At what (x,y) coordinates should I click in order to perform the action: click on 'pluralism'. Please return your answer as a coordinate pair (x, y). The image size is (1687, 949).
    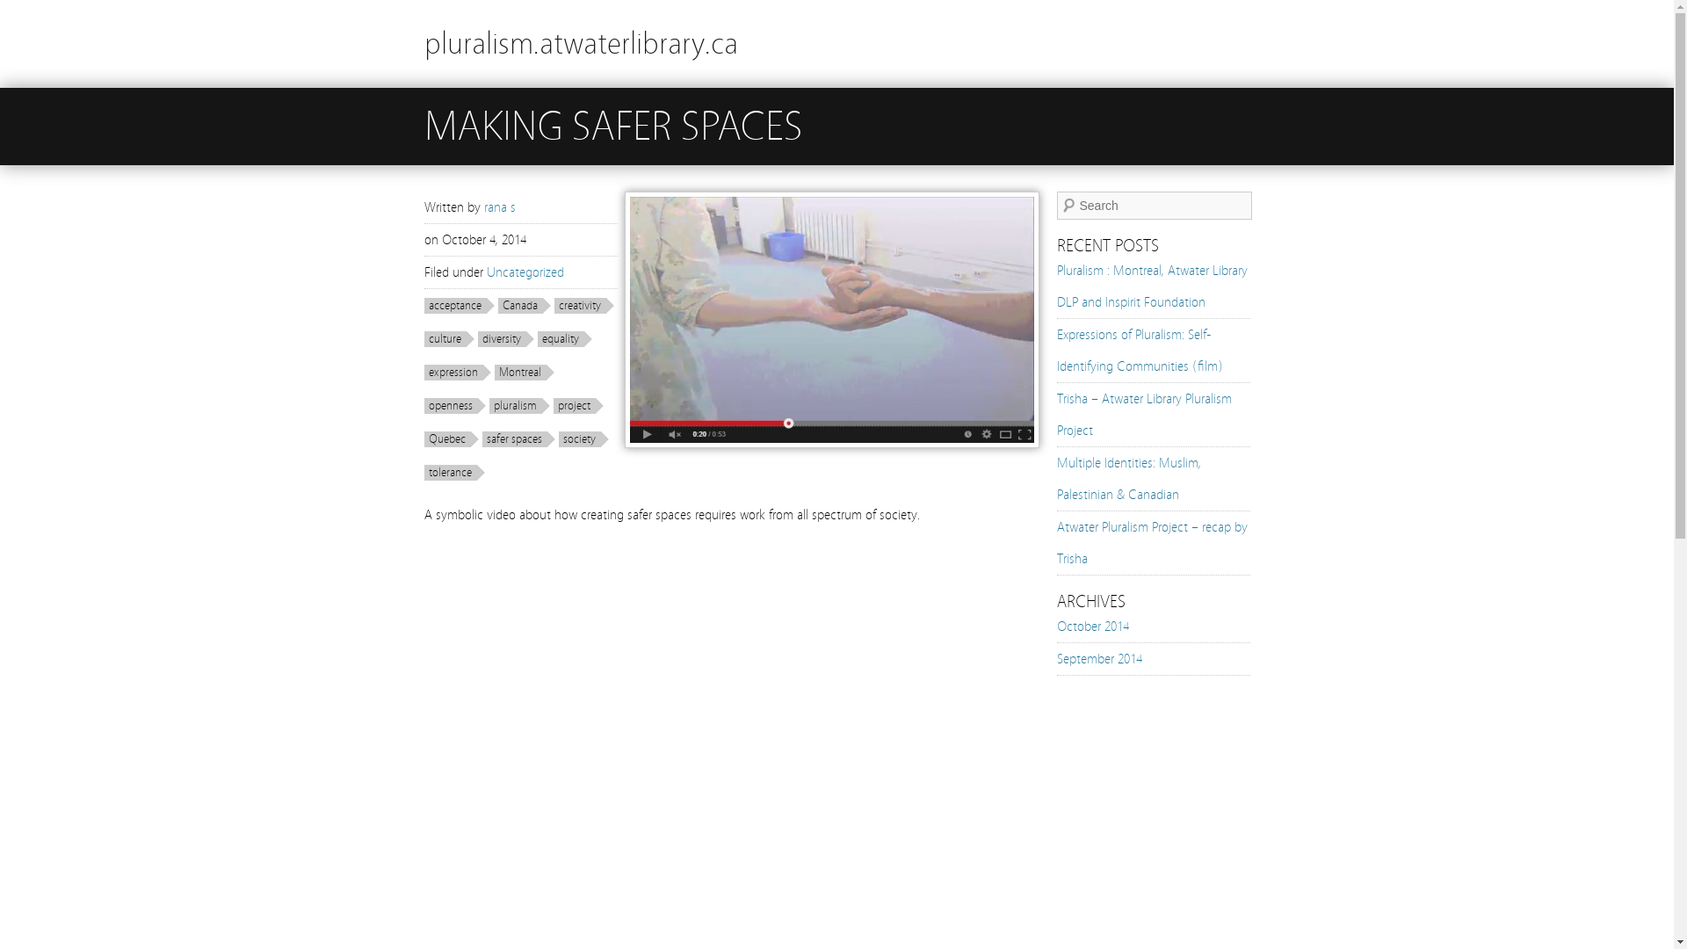
    Looking at the image, I should click on (518, 406).